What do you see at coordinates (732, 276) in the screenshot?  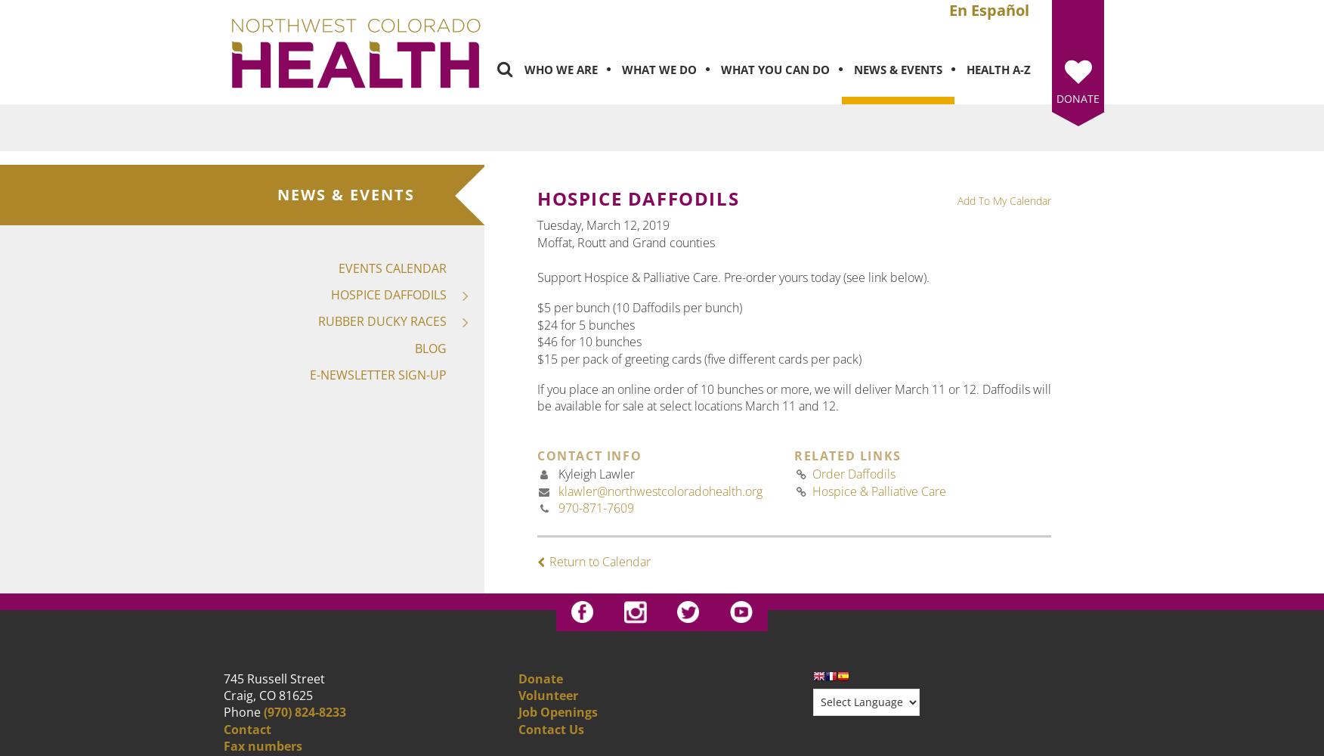 I see `'Support Hospice & Palliative Care. Pre-order yours today (see link below).'` at bounding box center [732, 276].